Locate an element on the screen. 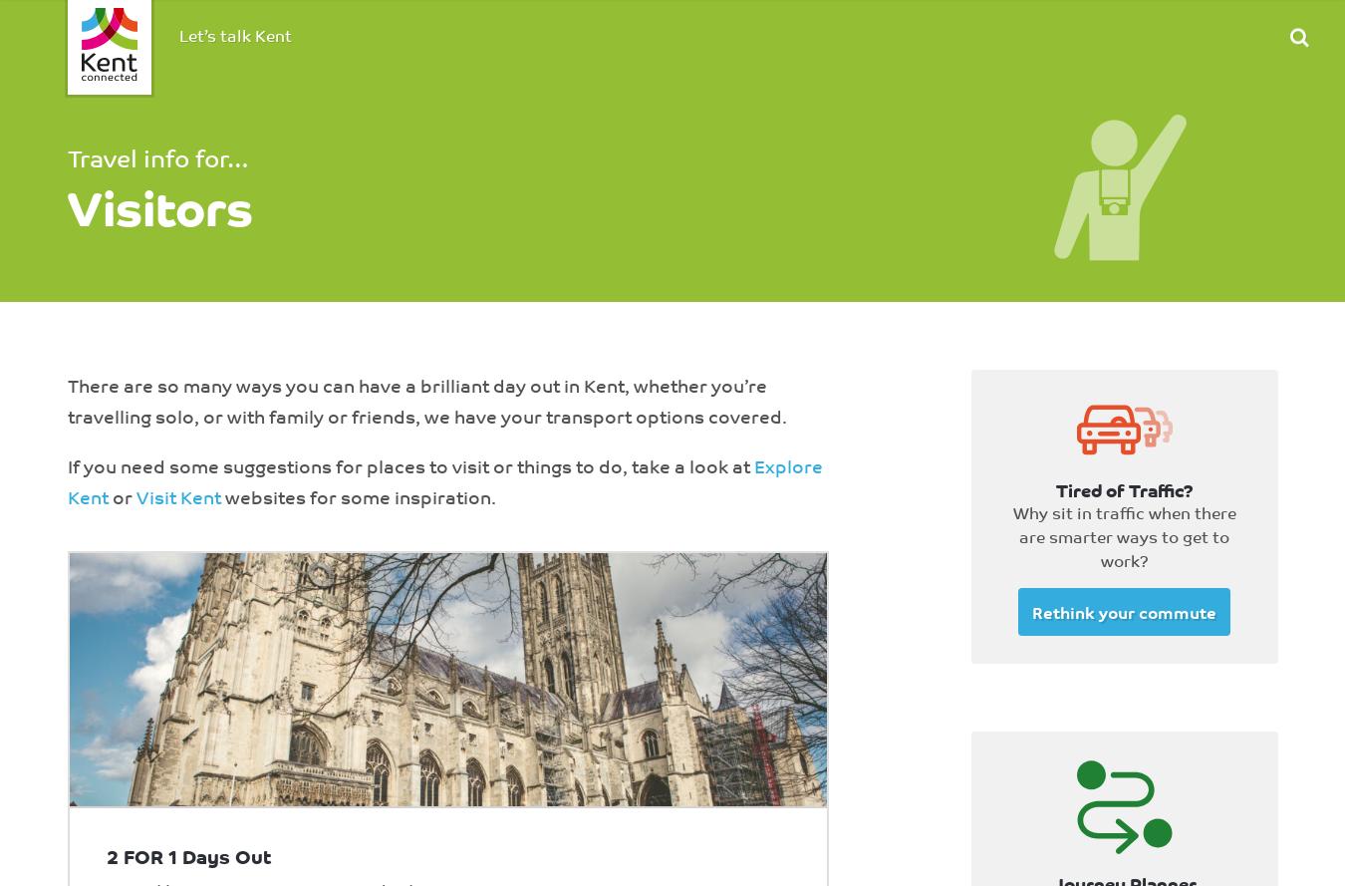 The height and width of the screenshot is (886, 1345). 'websites for some inspiration.' is located at coordinates (357, 495).